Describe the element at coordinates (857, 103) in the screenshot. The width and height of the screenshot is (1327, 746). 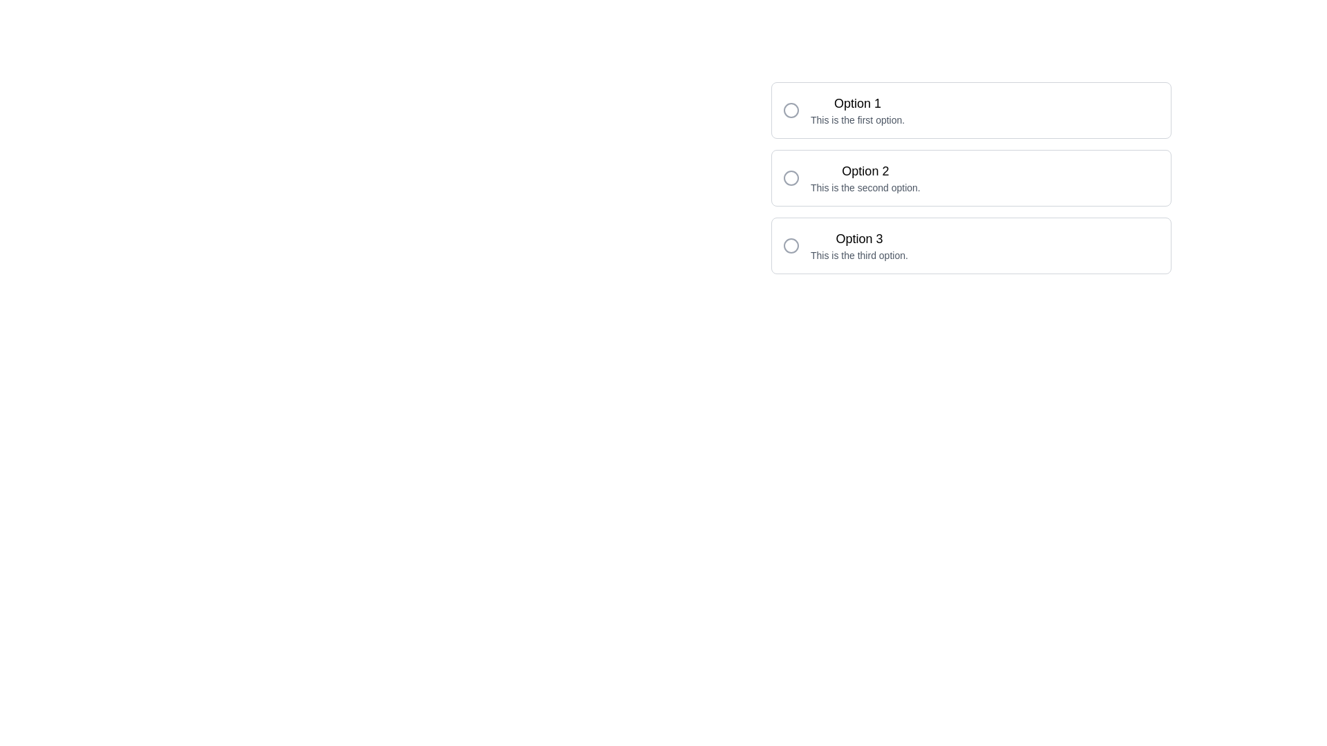
I see `static label 'Option 1' which is a medium-sized bold text located at the top-left of the segmented area containing other options` at that location.